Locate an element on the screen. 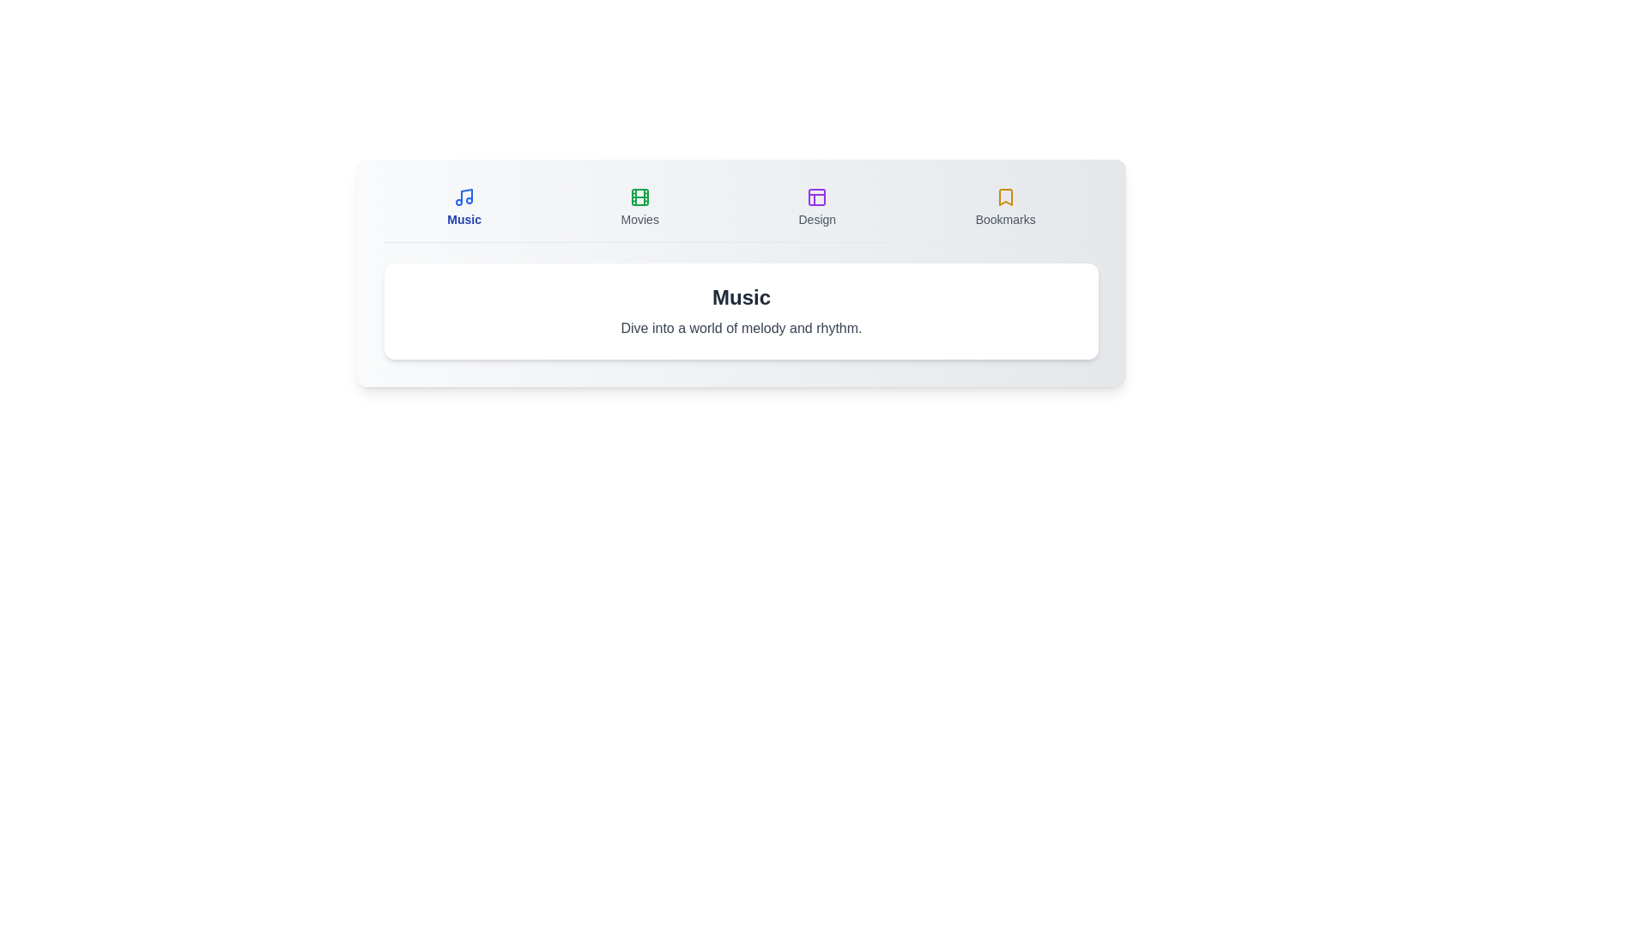 This screenshot has height=927, width=1648. the tab labeled Music to switch to it is located at coordinates (464, 207).